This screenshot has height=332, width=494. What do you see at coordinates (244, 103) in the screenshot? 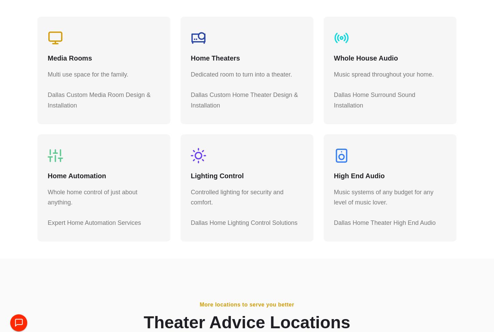
I see `'Dallas Custom Home Theater Design & Installation'` at bounding box center [244, 103].